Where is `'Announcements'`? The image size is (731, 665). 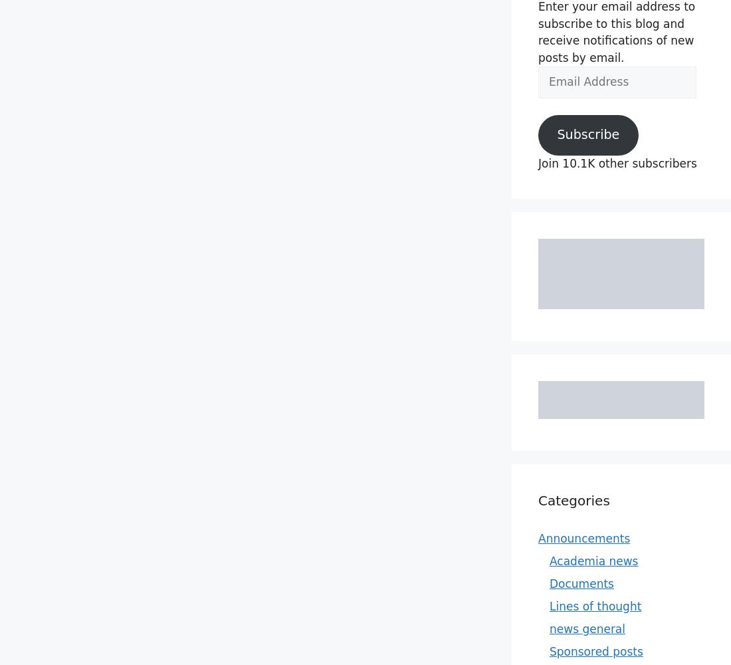 'Announcements' is located at coordinates (583, 538).